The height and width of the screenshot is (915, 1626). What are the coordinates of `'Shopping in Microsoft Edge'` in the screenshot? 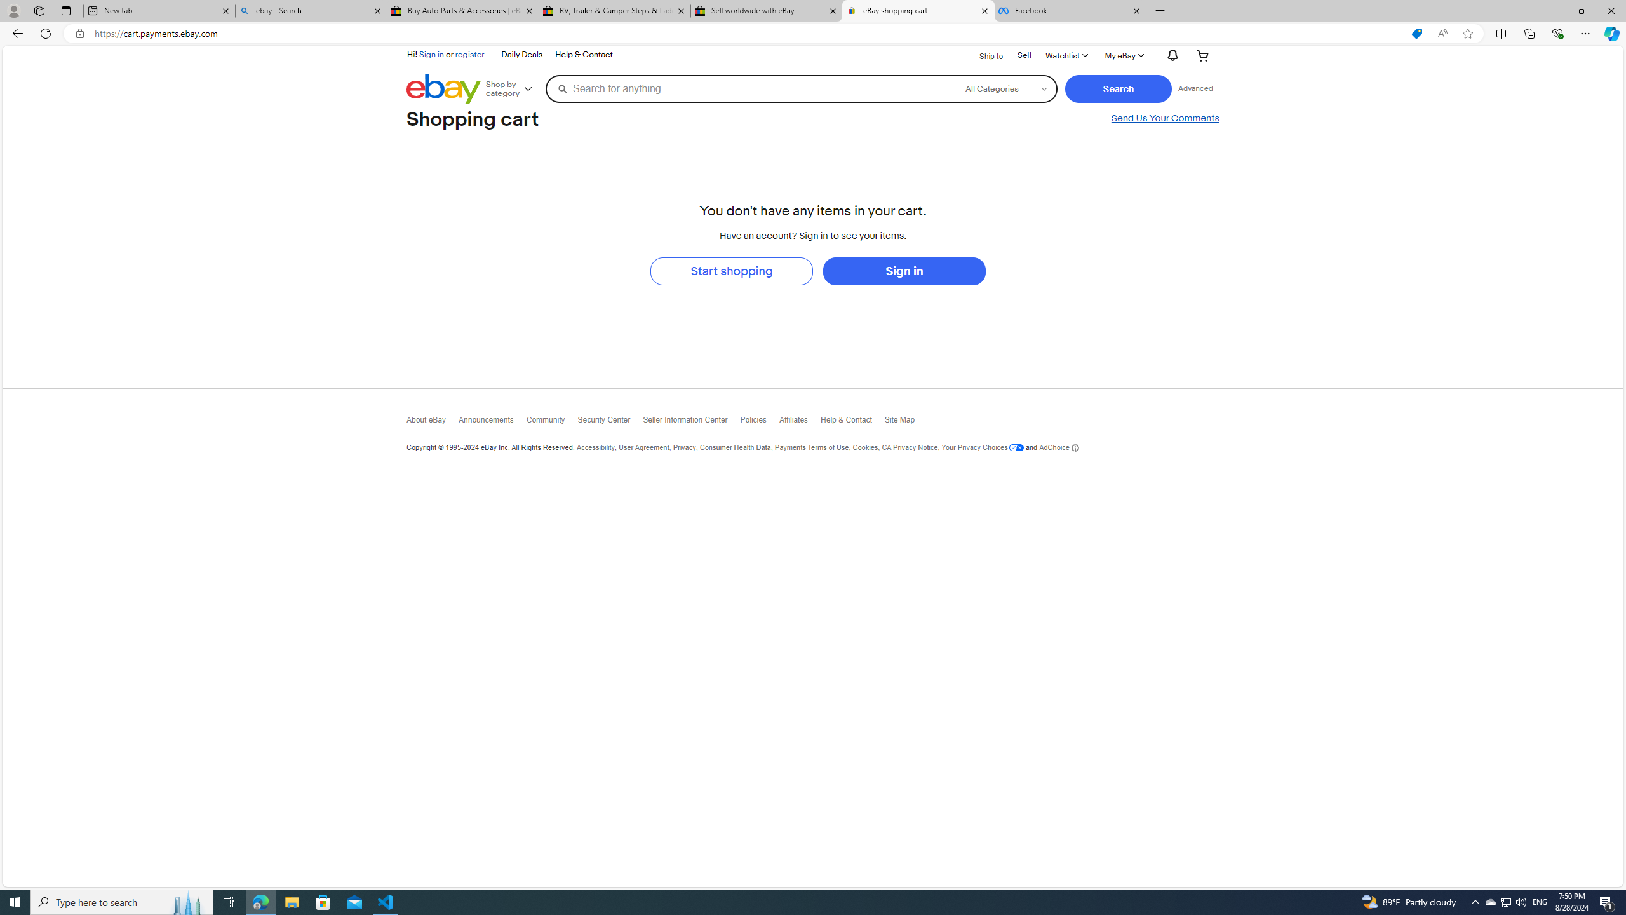 It's located at (1416, 34).